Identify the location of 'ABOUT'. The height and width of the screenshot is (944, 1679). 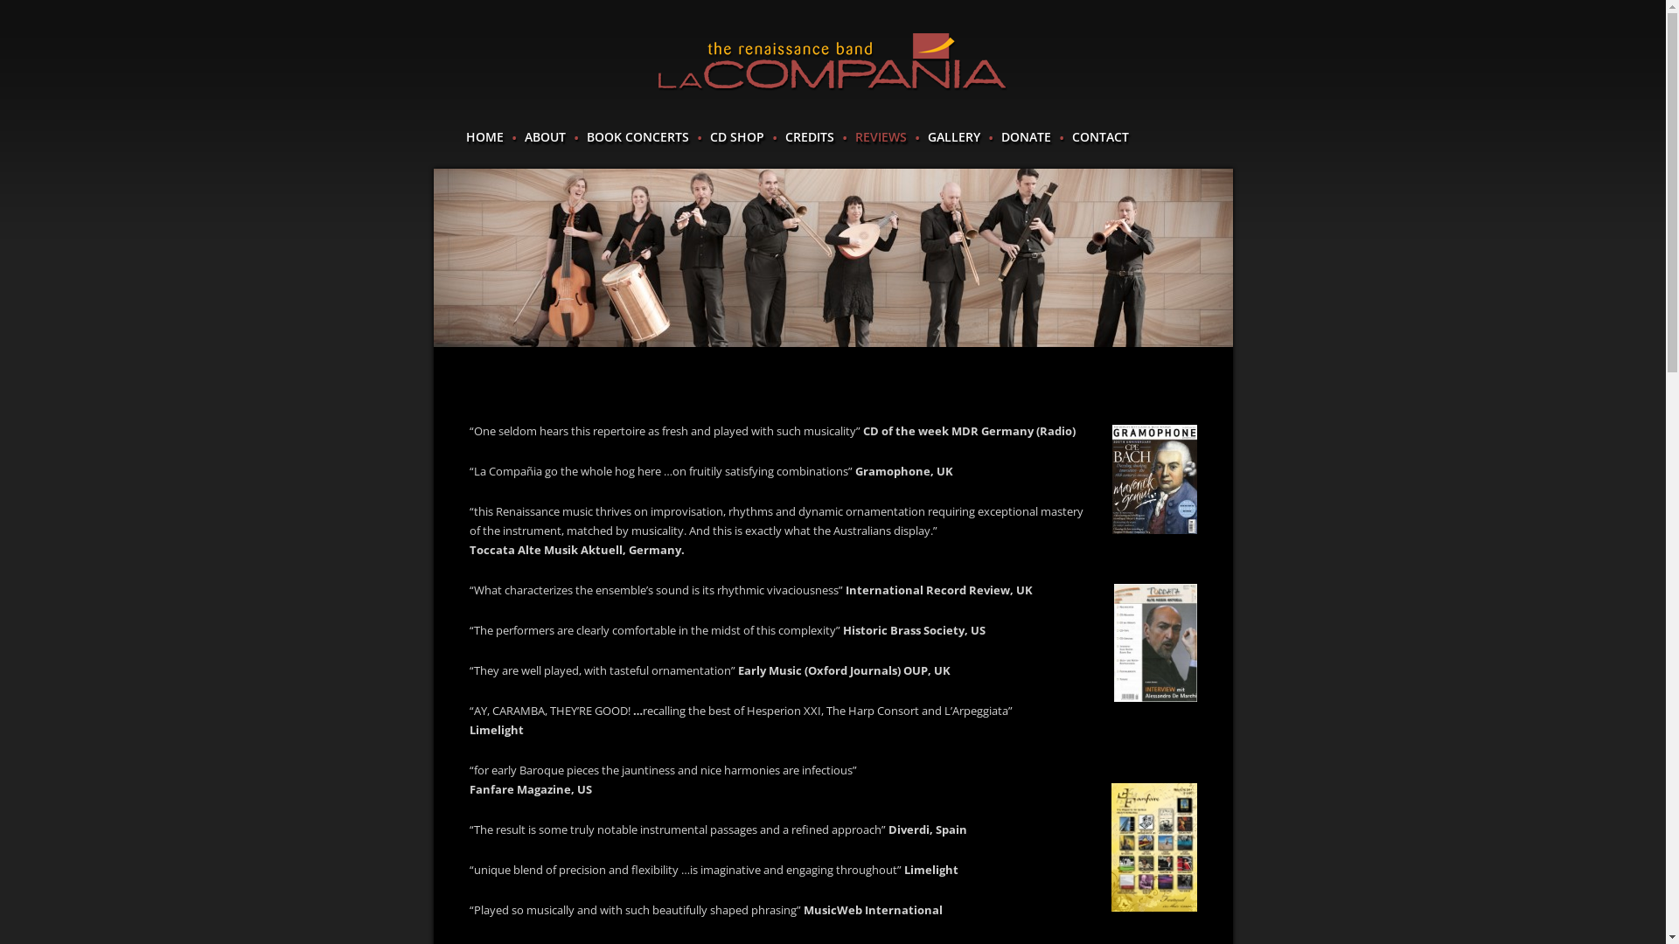
(544, 136).